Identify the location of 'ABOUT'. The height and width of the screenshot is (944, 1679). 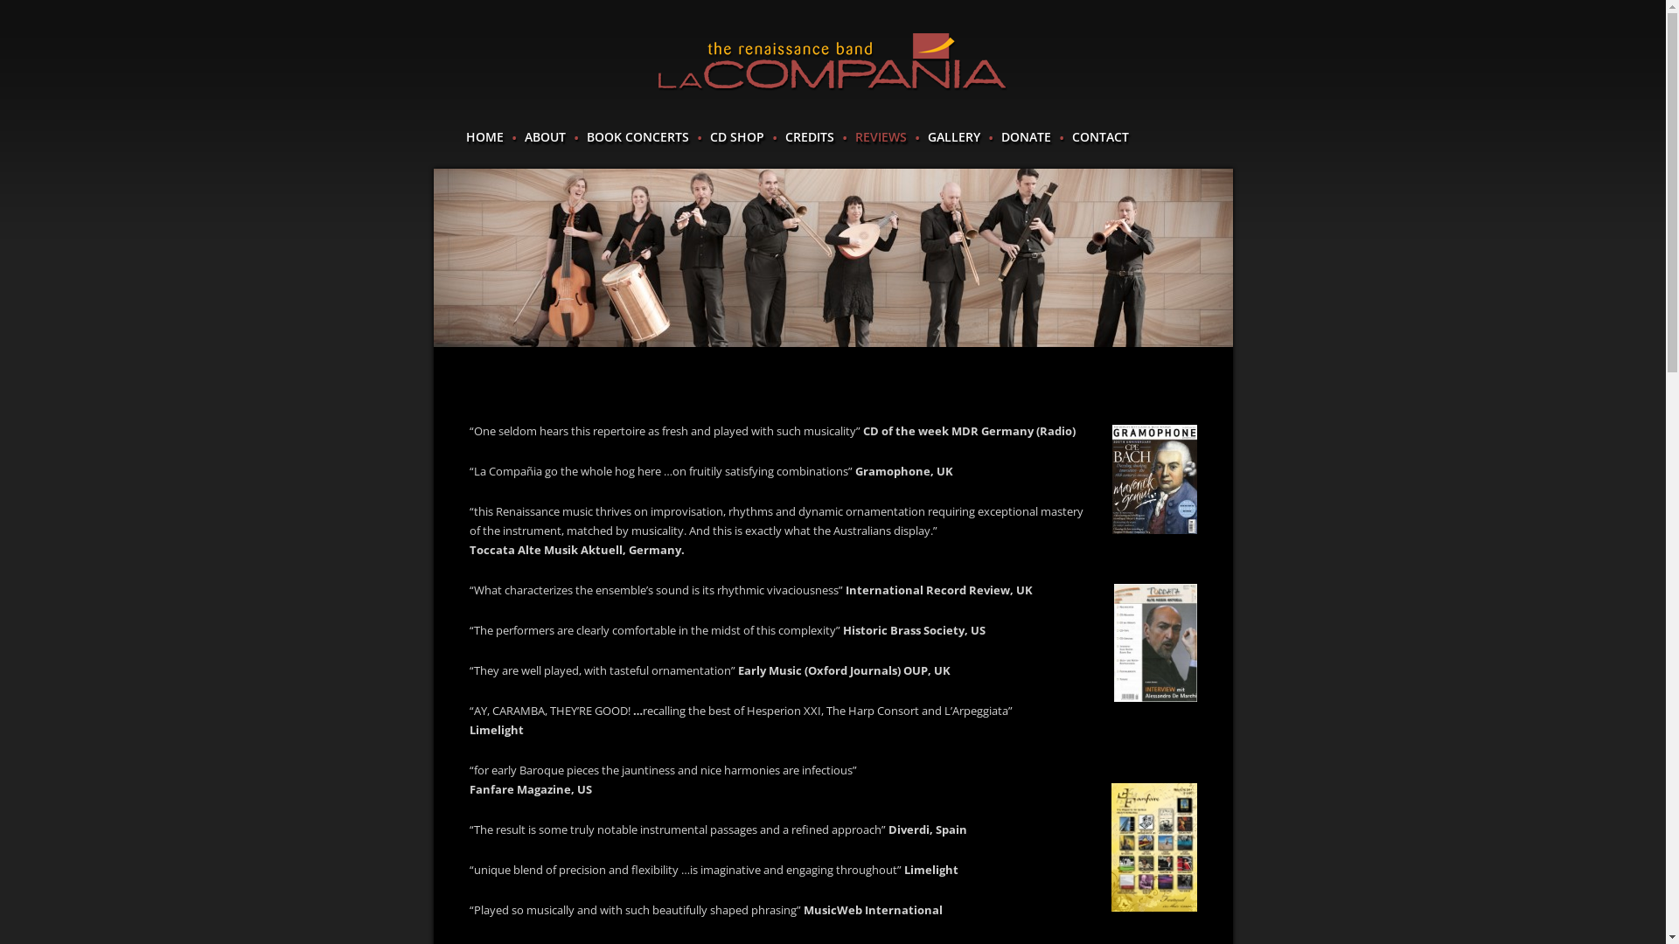
(544, 136).